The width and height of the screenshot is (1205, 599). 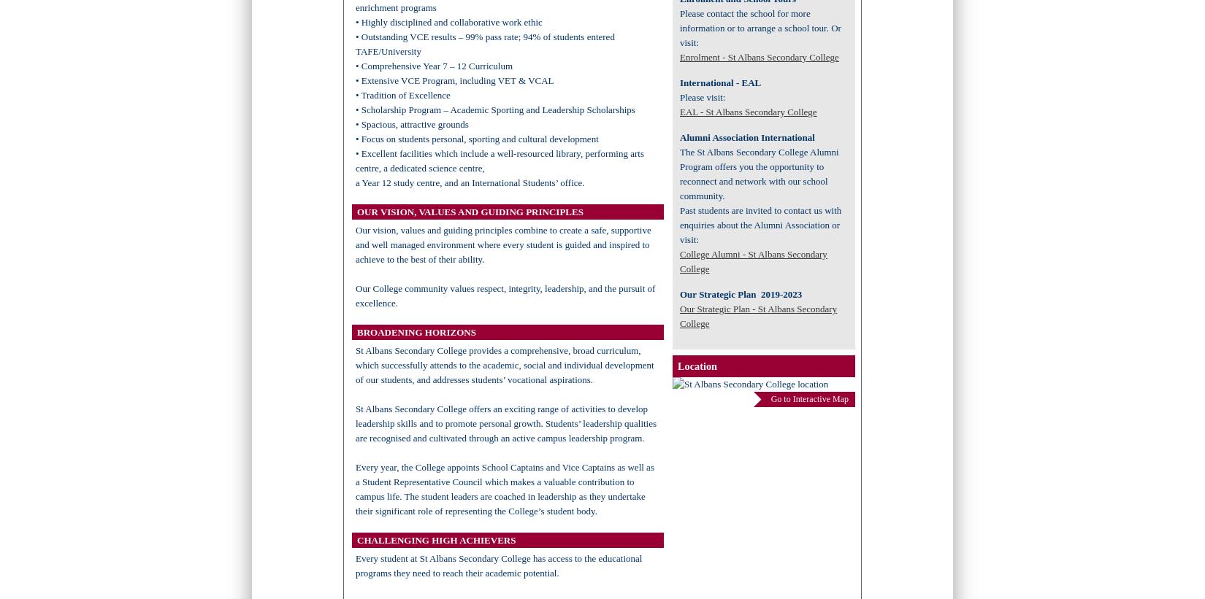 I want to click on '•	Tradition of Excellence', so click(x=402, y=94).